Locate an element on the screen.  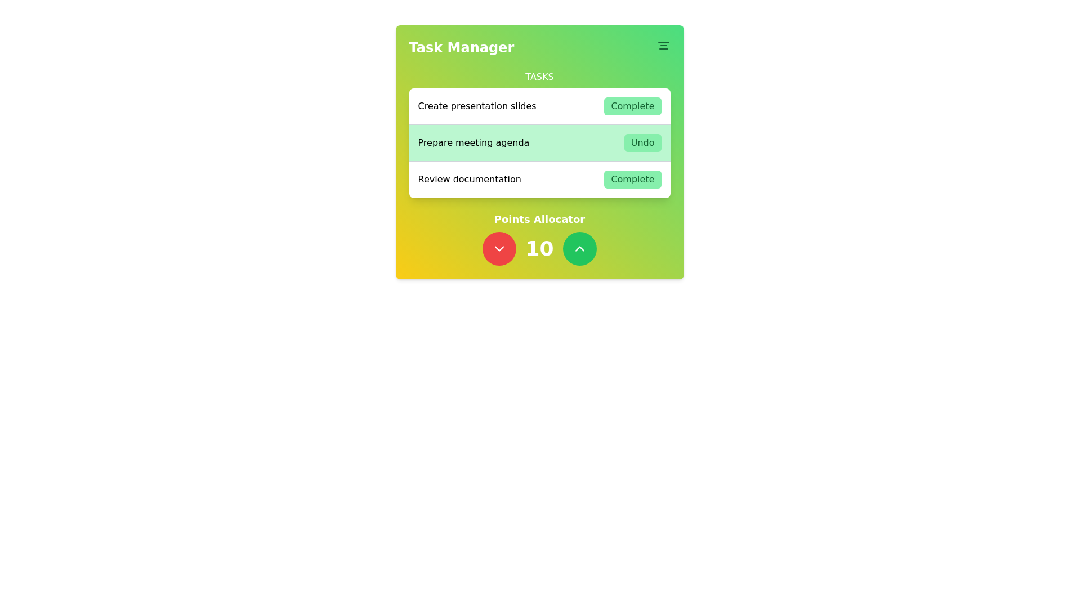
the numeric text displaying the value '10' in bold and large font, which is centered between two circular buttons in the 'Points Allocator' section is located at coordinates (539, 248).